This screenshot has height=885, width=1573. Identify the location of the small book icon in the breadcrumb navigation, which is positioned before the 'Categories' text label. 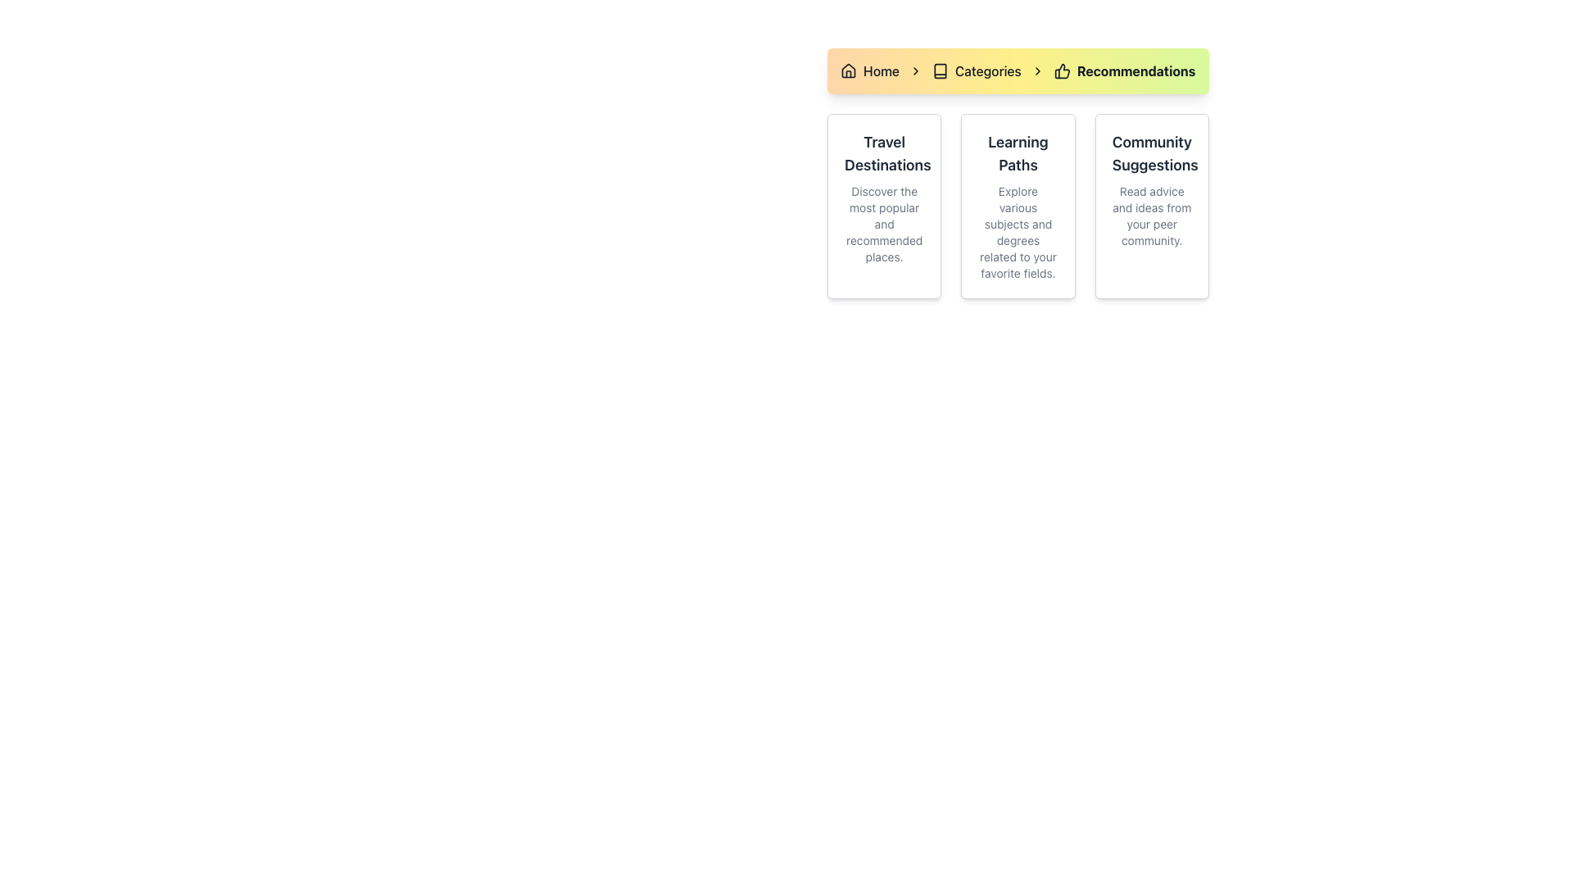
(940, 70).